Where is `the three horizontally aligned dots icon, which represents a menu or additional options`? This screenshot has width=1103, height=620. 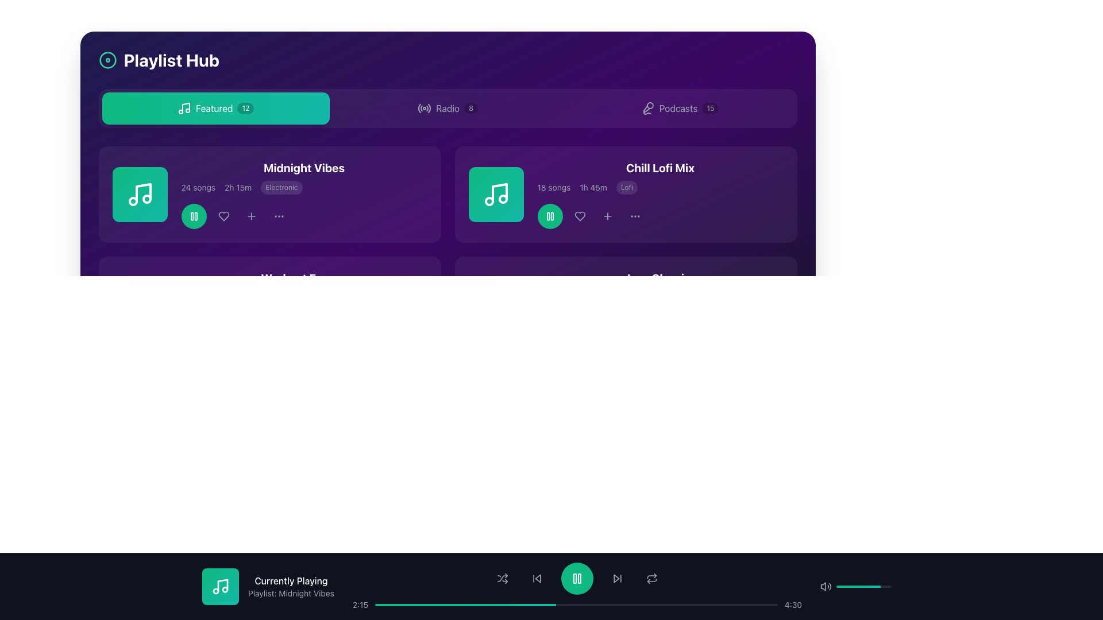 the three horizontally aligned dots icon, which represents a menu or additional options is located at coordinates (279, 216).